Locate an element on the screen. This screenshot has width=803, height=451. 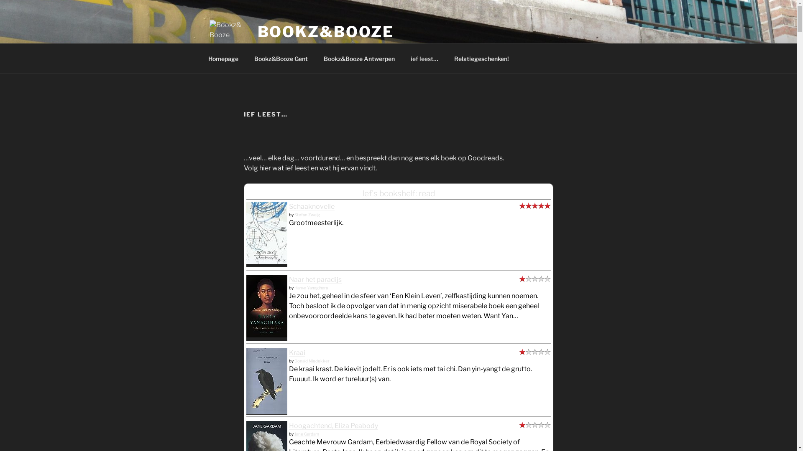
'did not like it' is located at coordinates (534, 352).